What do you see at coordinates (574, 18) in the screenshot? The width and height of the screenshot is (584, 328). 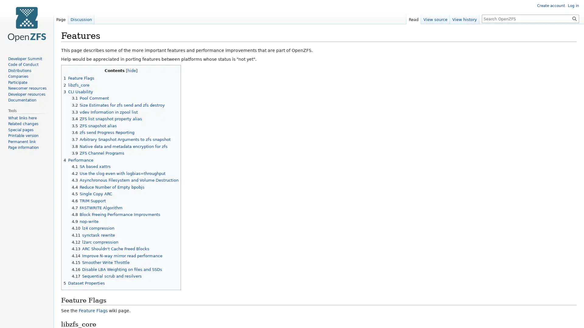 I see `Search` at bounding box center [574, 18].